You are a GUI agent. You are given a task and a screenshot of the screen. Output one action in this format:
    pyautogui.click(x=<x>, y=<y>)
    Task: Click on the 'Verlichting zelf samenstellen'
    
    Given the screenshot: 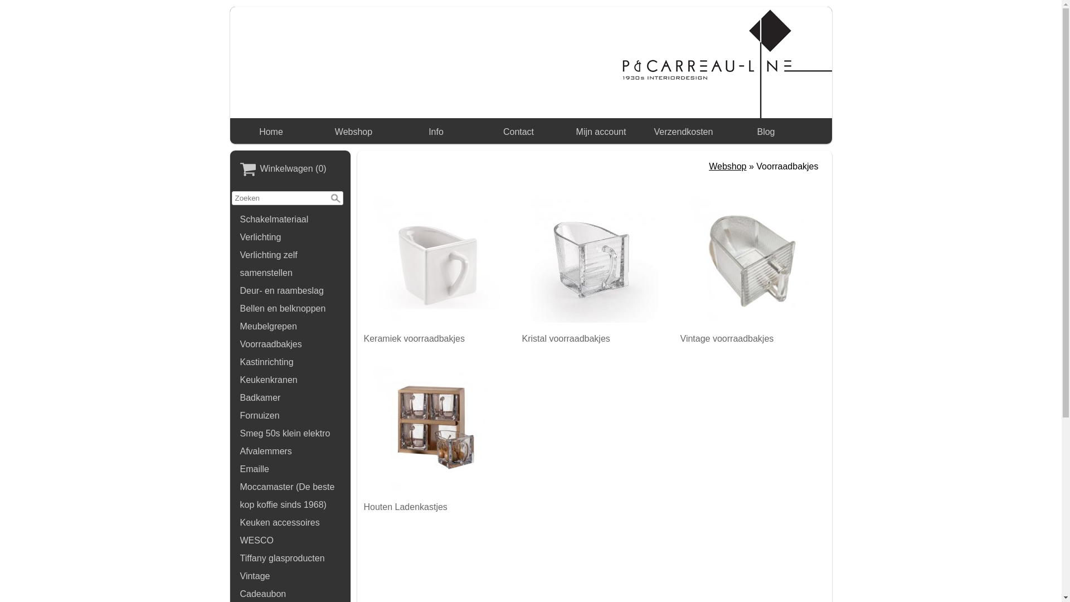 What is the action you would take?
    pyautogui.click(x=231, y=264)
    